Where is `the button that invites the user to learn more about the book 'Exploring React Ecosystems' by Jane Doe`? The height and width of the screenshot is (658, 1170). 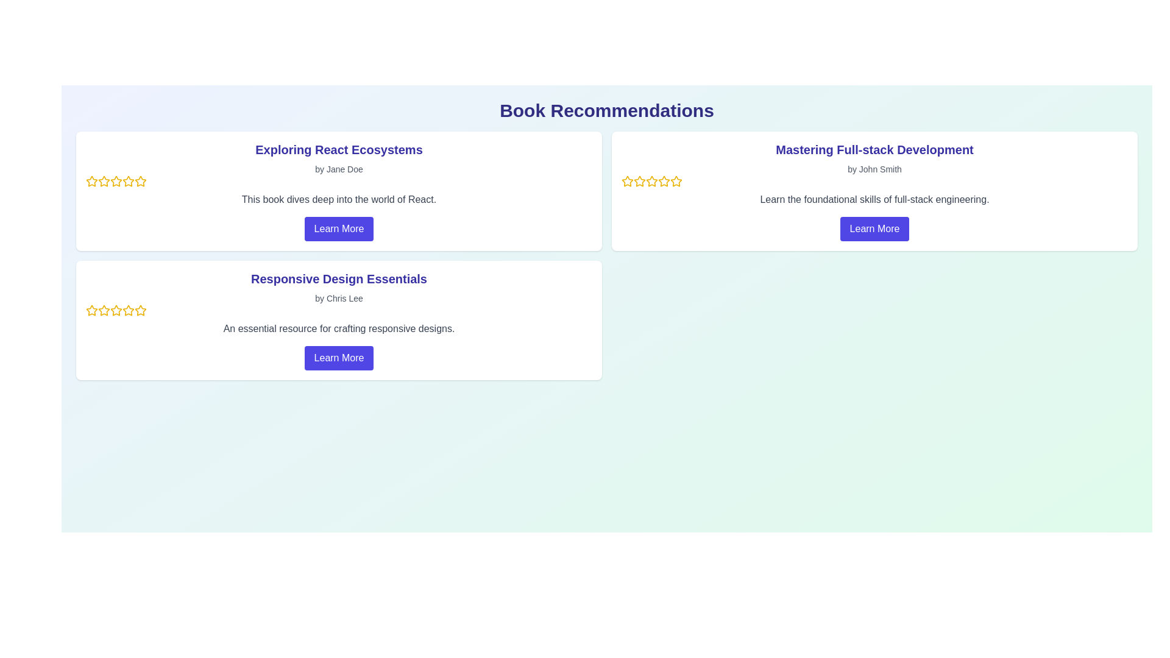
the button that invites the user to learn more about the book 'Exploring React Ecosystems' by Jane Doe is located at coordinates (339, 228).